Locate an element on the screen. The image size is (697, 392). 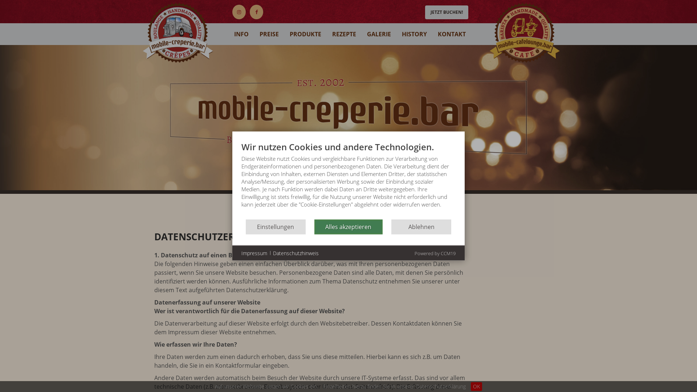
'OK' is located at coordinates (476, 386).